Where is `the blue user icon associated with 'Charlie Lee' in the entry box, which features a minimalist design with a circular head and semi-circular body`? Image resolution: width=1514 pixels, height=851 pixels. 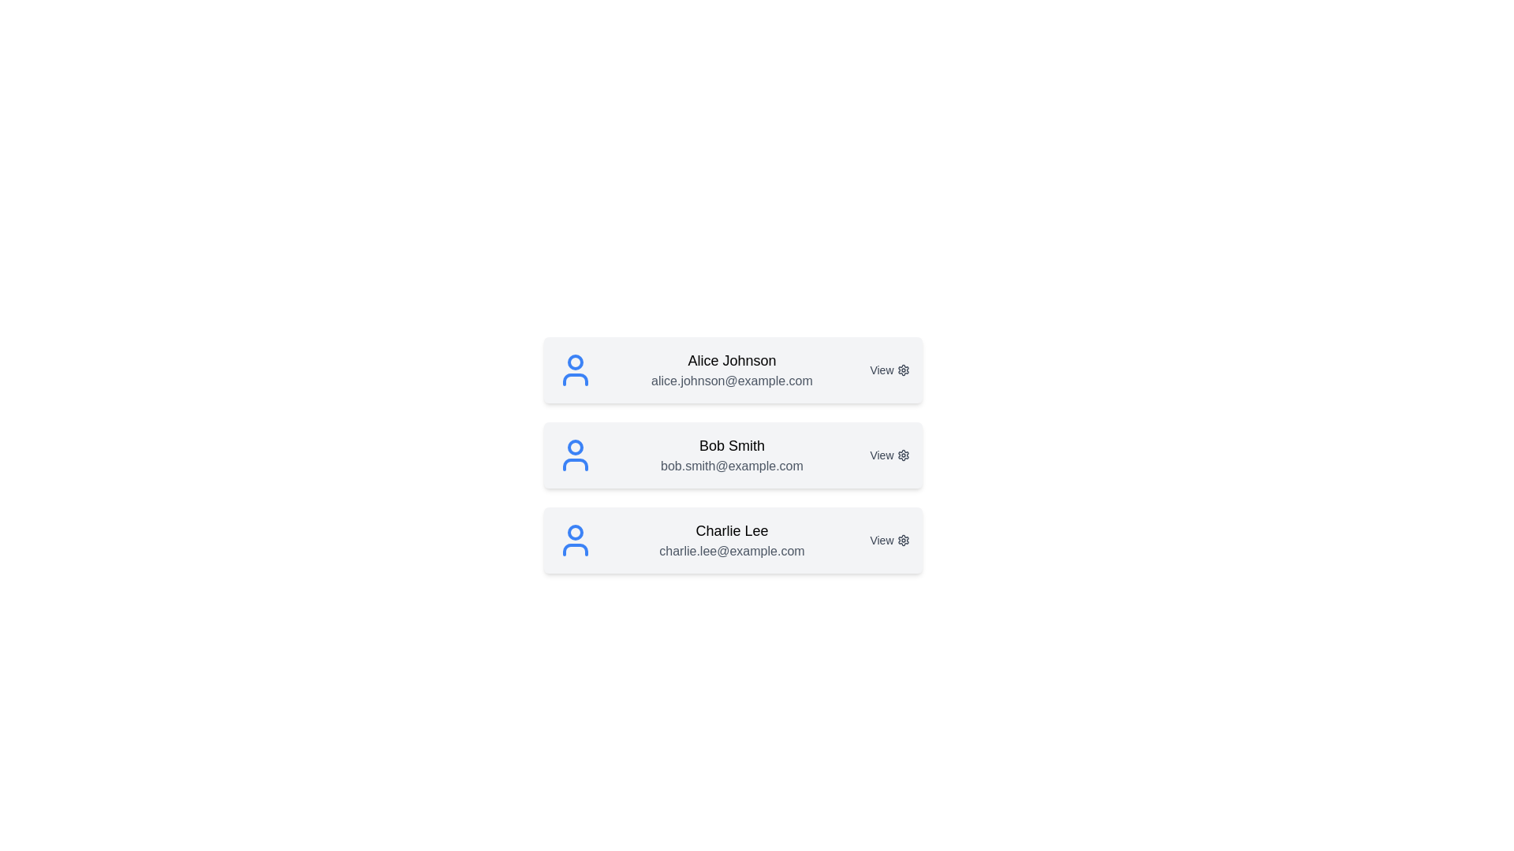 the blue user icon associated with 'Charlie Lee' in the entry box, which features a minimalist design with a circular head and semi-circular body is located at coordinates (574, 540).